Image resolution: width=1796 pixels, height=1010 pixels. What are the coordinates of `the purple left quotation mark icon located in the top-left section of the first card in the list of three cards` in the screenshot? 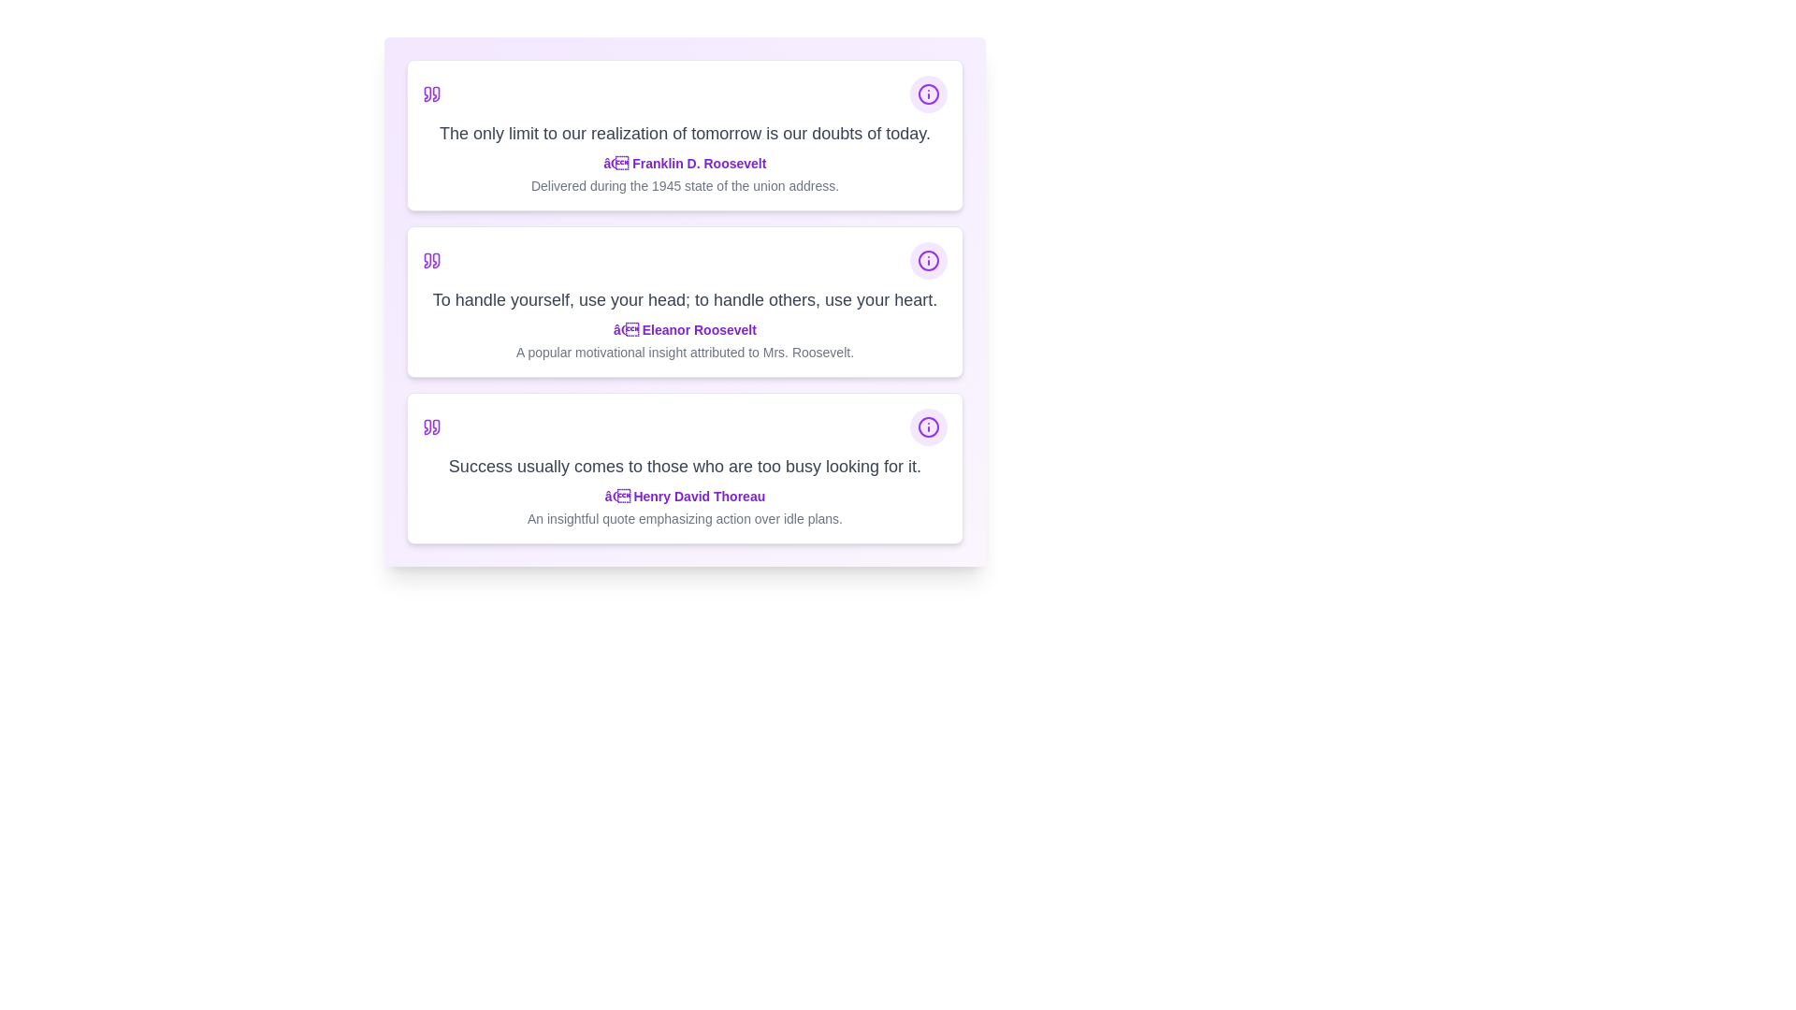 It's located at (427, 94).